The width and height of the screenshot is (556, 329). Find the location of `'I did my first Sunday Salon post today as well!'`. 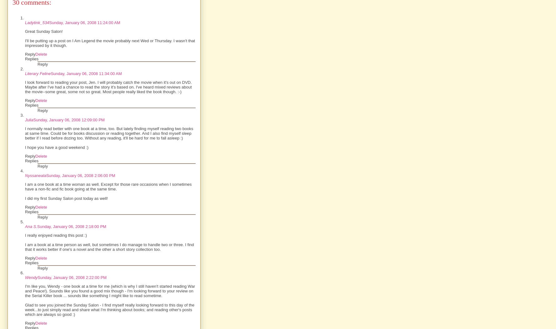

'I did my first Sunday Salon post today as well!' is located at coordinates (66, 198).